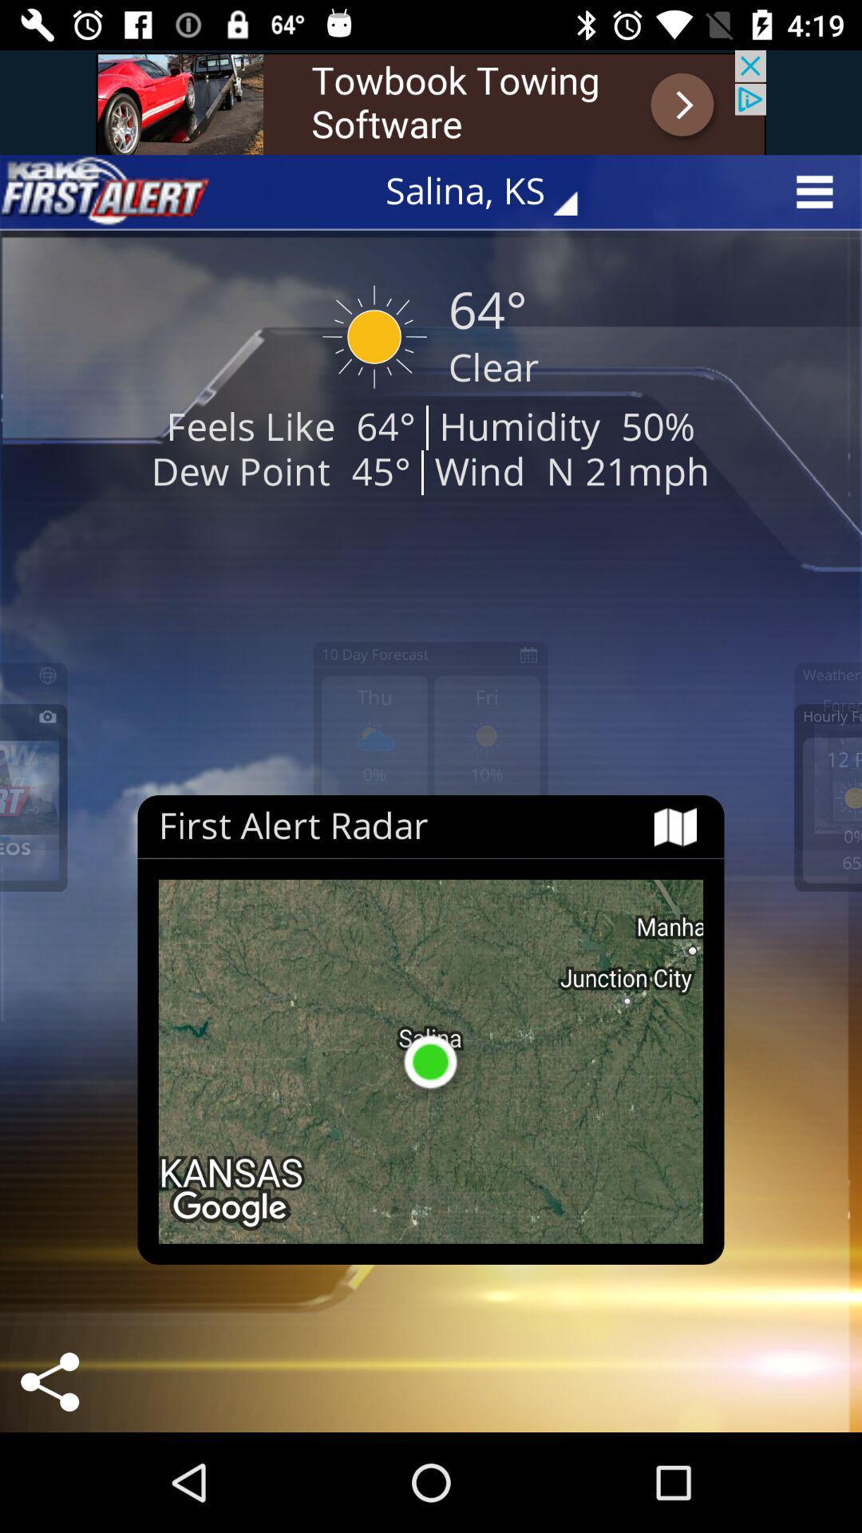  Describe the element at coordinates (49, 1381) in the screenshot. I see `the share icon` at that location.